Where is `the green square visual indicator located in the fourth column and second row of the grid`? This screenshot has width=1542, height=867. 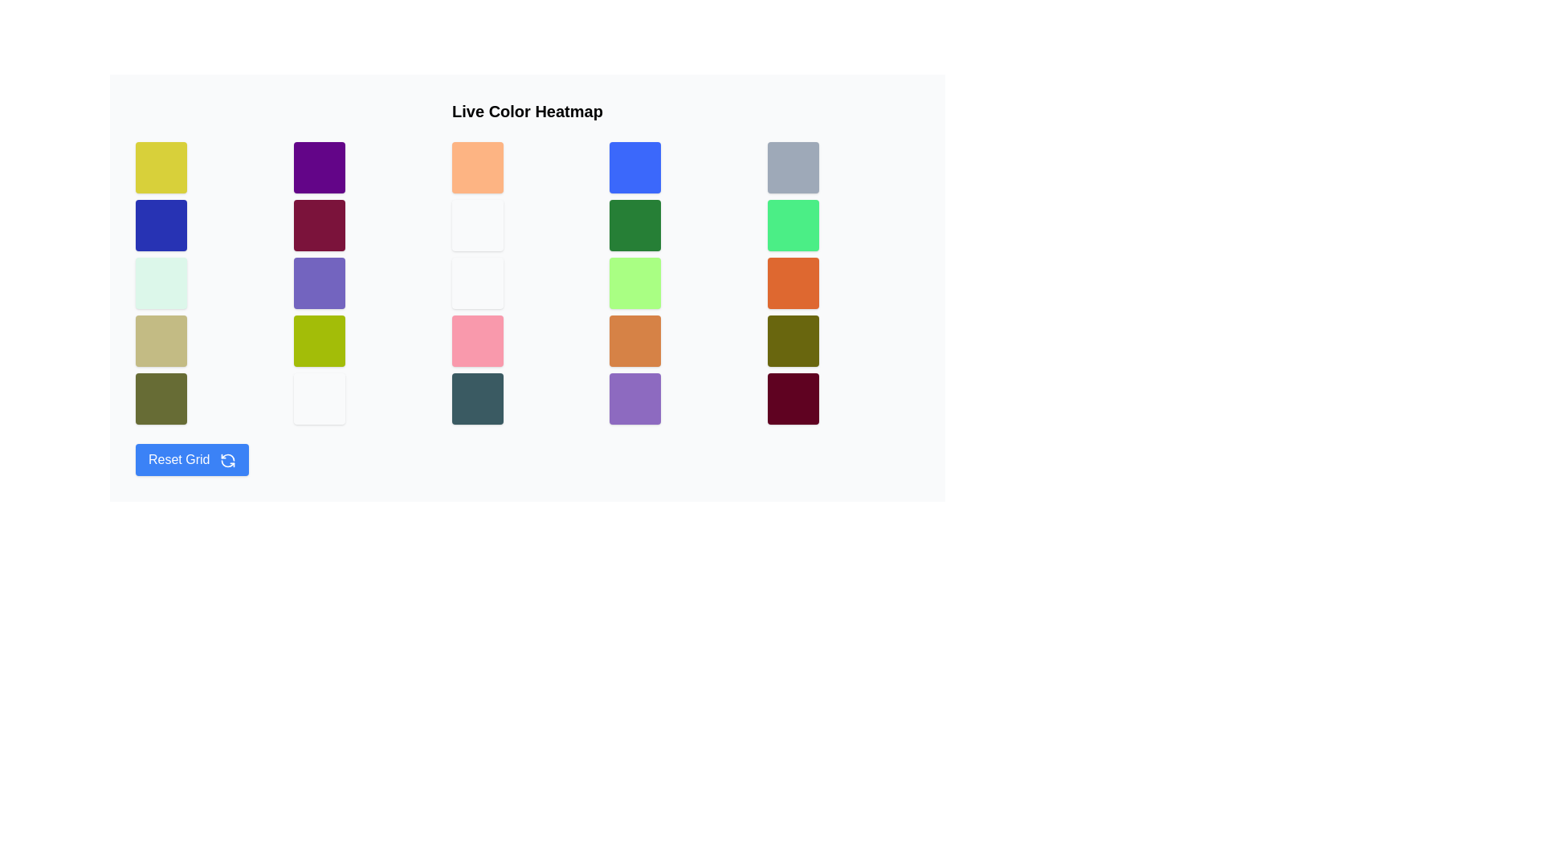
the green square visual indicator located in the fourth column and second row of the grid is located at coordinates (634, 226).